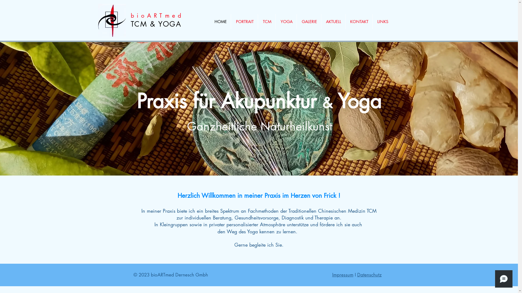 This screenshot has width=522, height=293. What do you see at coordinates (359, 21) in the screenshot?
I see `'KONTAKT'` at bounding box center [359, 21].